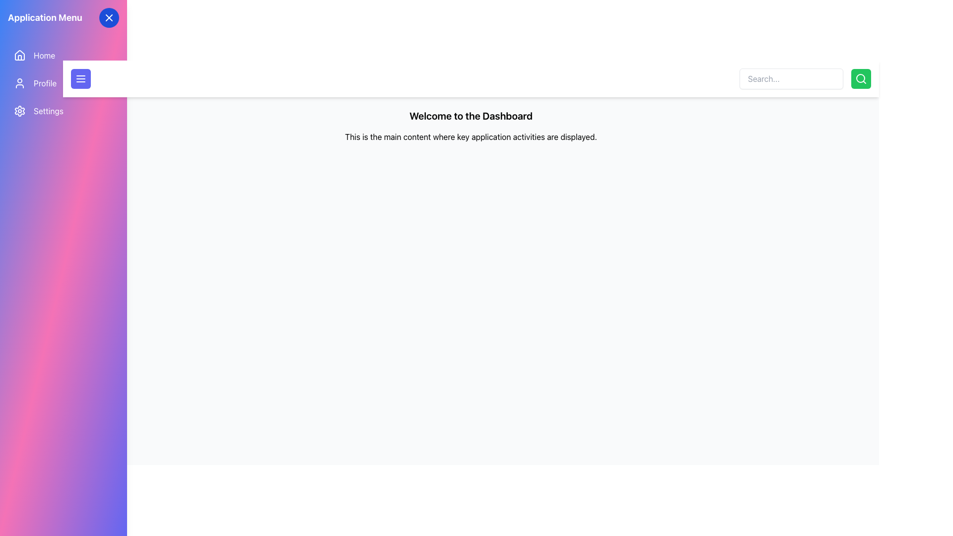  What do you see at coordinates (44, 55) in the screenshot?
I see `the navigational link labeled as the first option in the application menu, which is located below the header 'Application Menu' and above 'Profile' and 'Settings'` at bounding box center [44, 55].